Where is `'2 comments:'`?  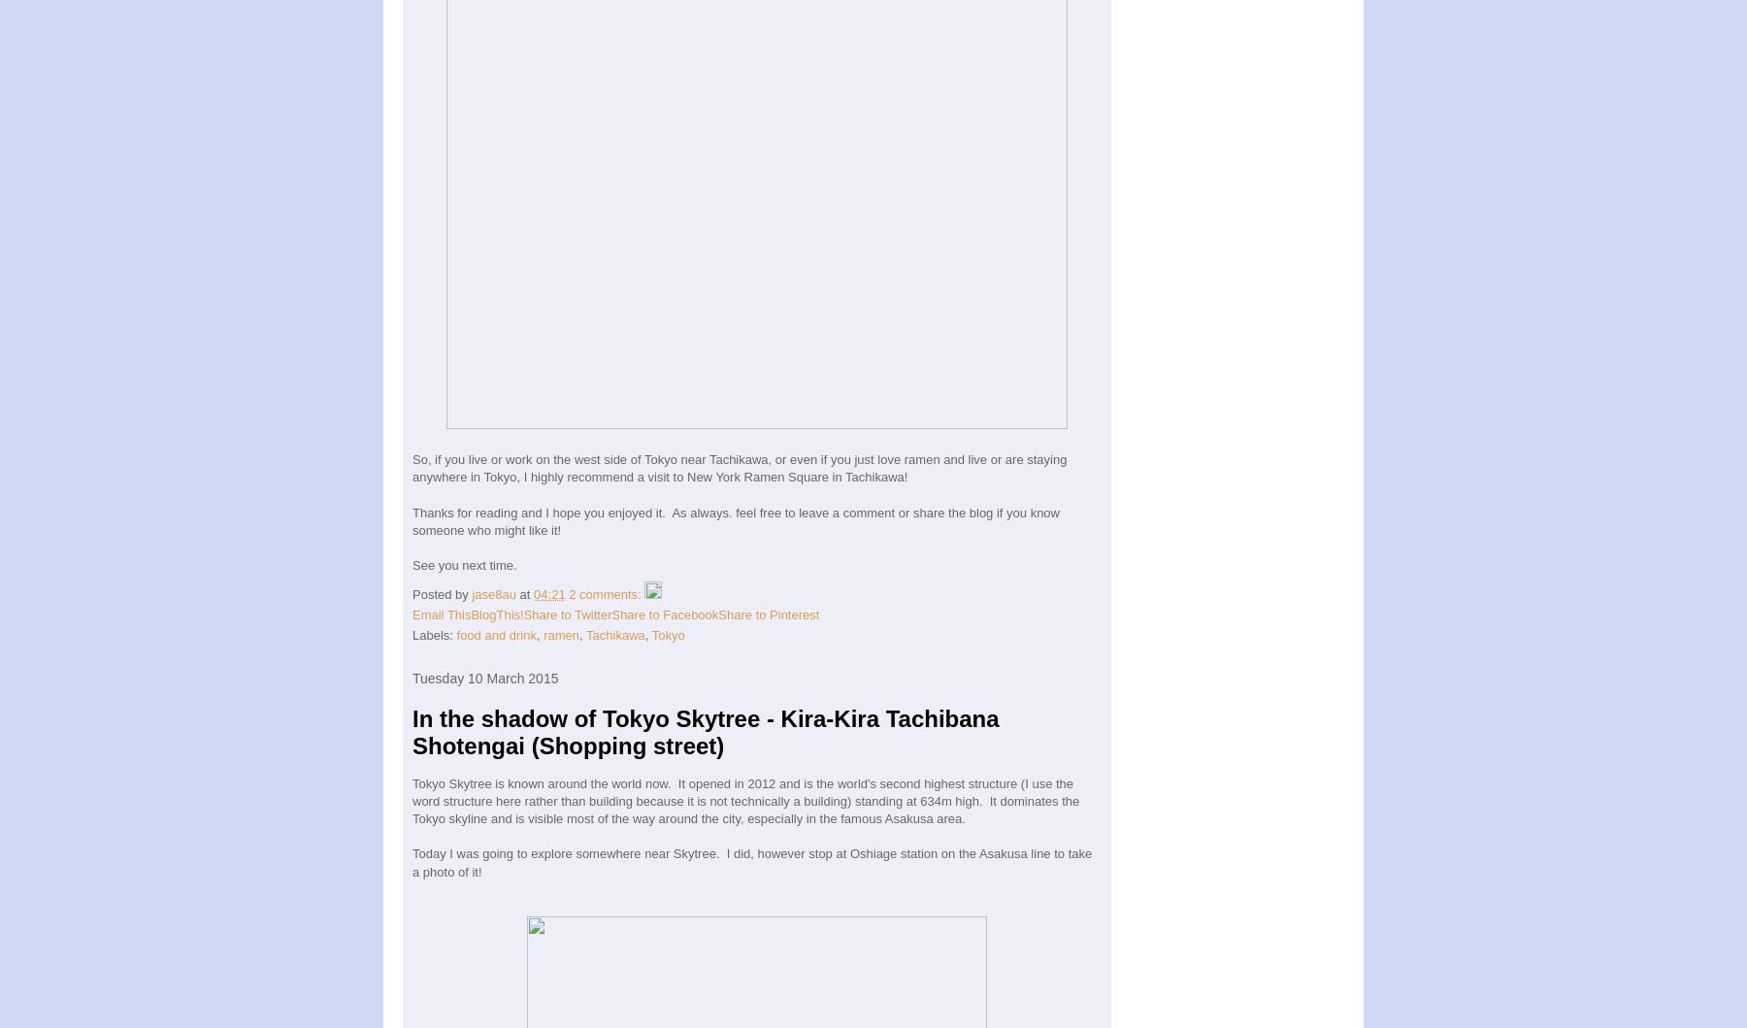 '2 comments:' is located at coordinates (606, 593).